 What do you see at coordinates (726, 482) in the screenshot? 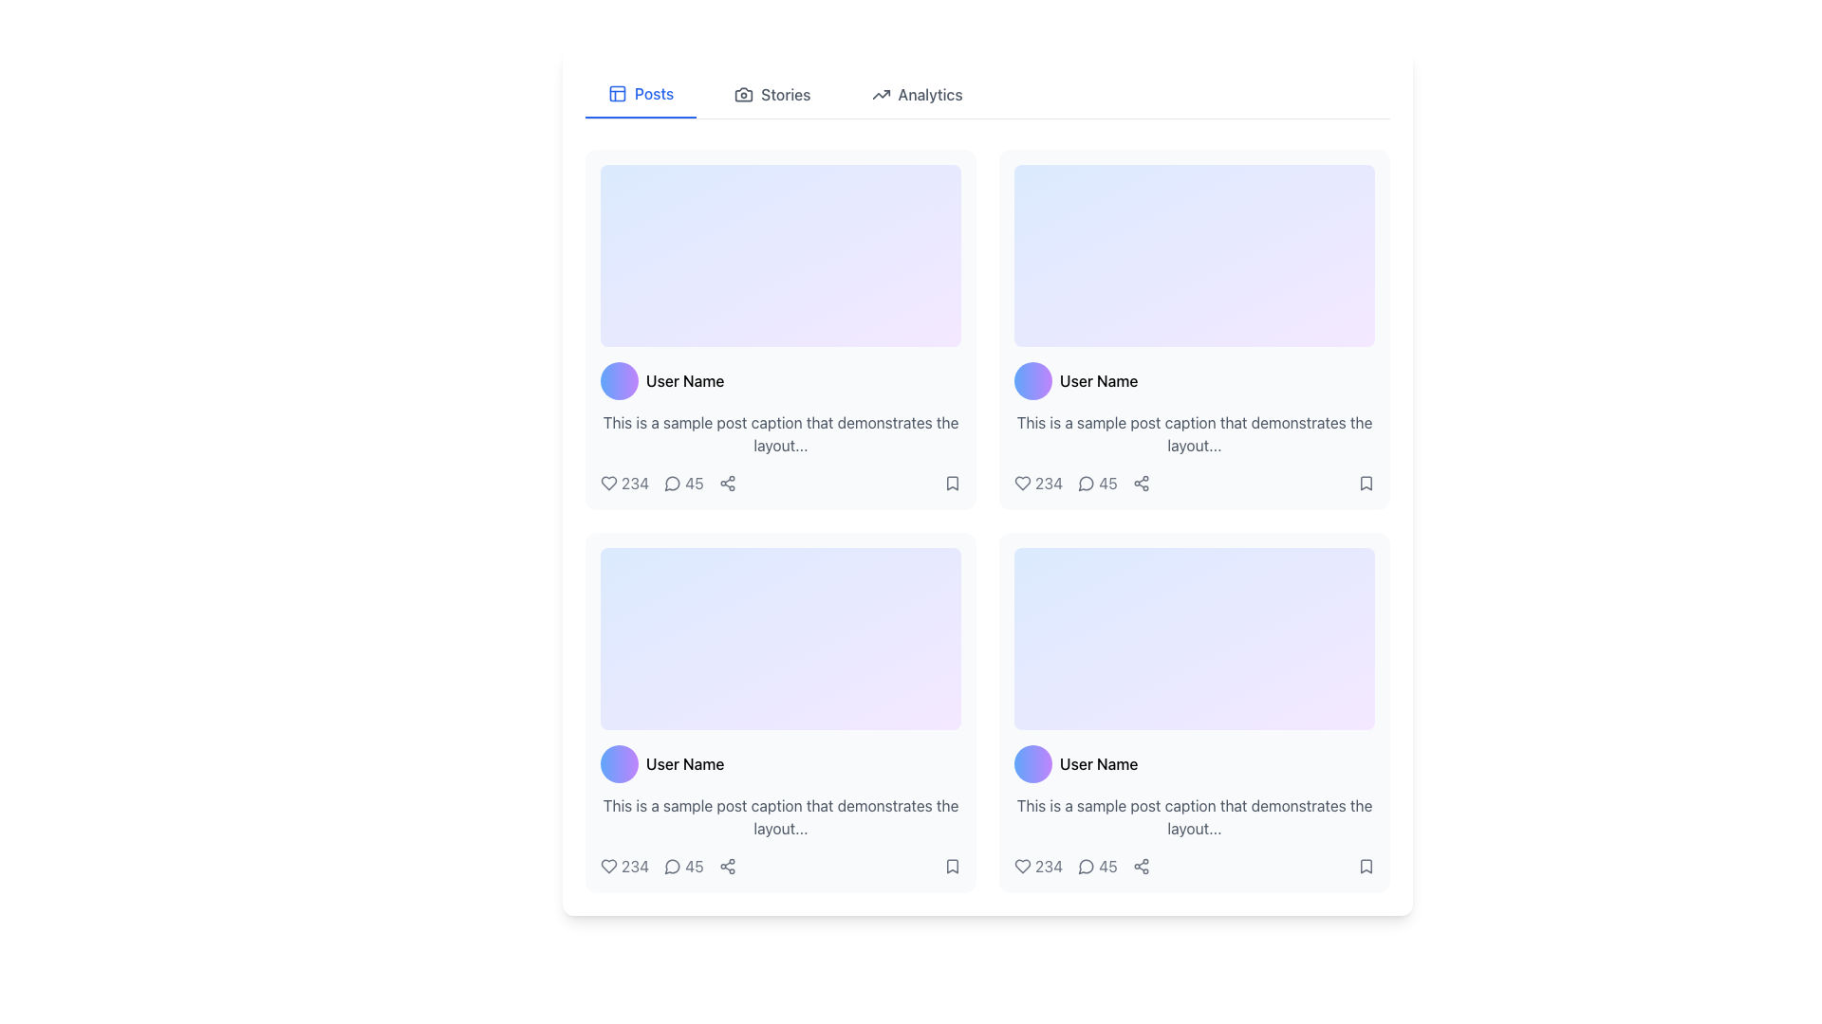
I see `the share button located as the third interactive option in the social interaction row, positioned under the text caption of the post, to share the content` at bounding box center [726, 482].